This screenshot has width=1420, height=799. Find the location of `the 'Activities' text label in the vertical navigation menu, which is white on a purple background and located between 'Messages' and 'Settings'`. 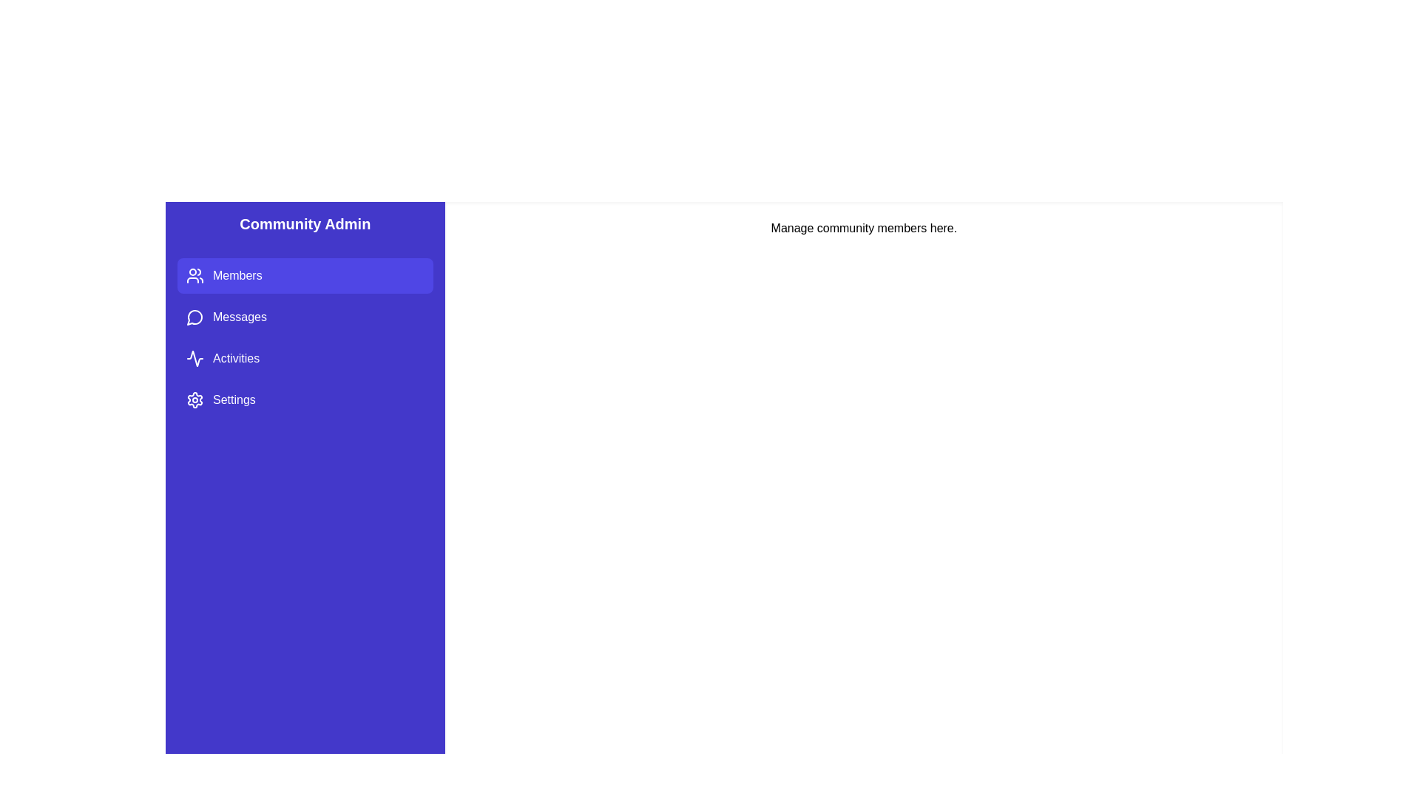

the 'Activities' text label in the vertical navigation menu, which is white on a purple background and located between 'Messages' and 'Settings' is located at coordinates (235, 359).